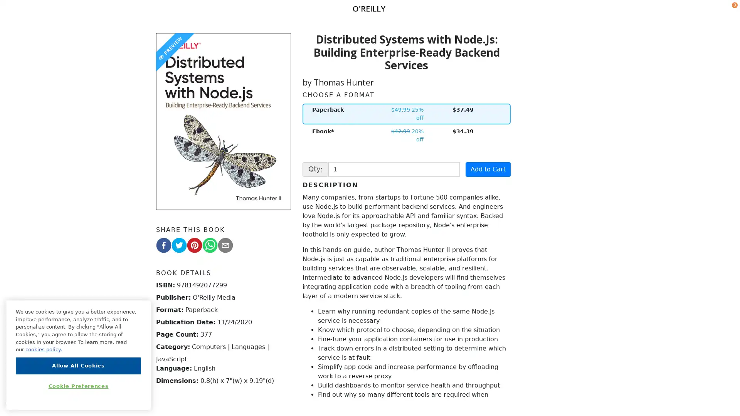 This screenshot has width=740, height=416. I want to click on Cookie Preferences, so click(78, 386).